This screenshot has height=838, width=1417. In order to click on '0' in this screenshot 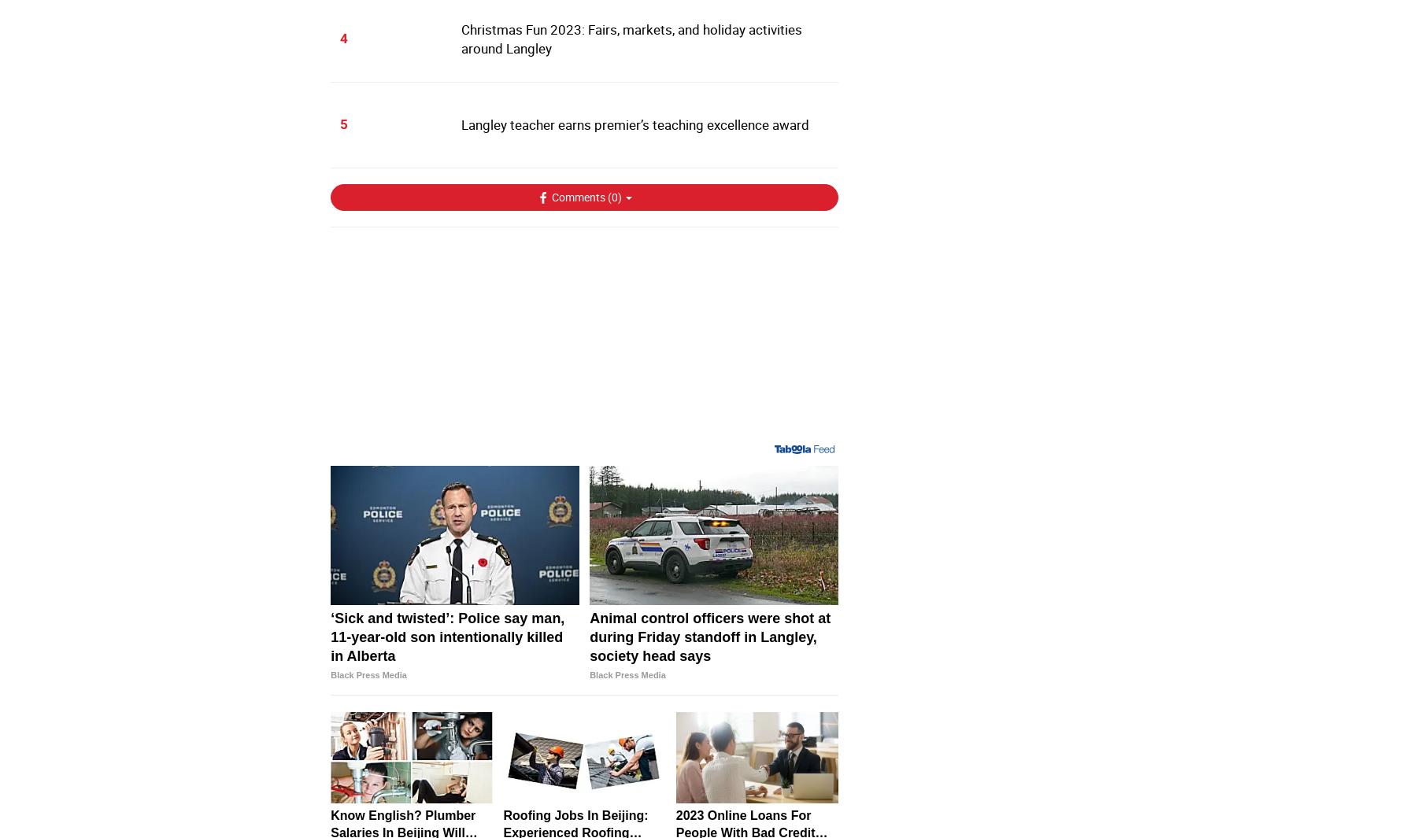, I will do `click(614, 195)`.